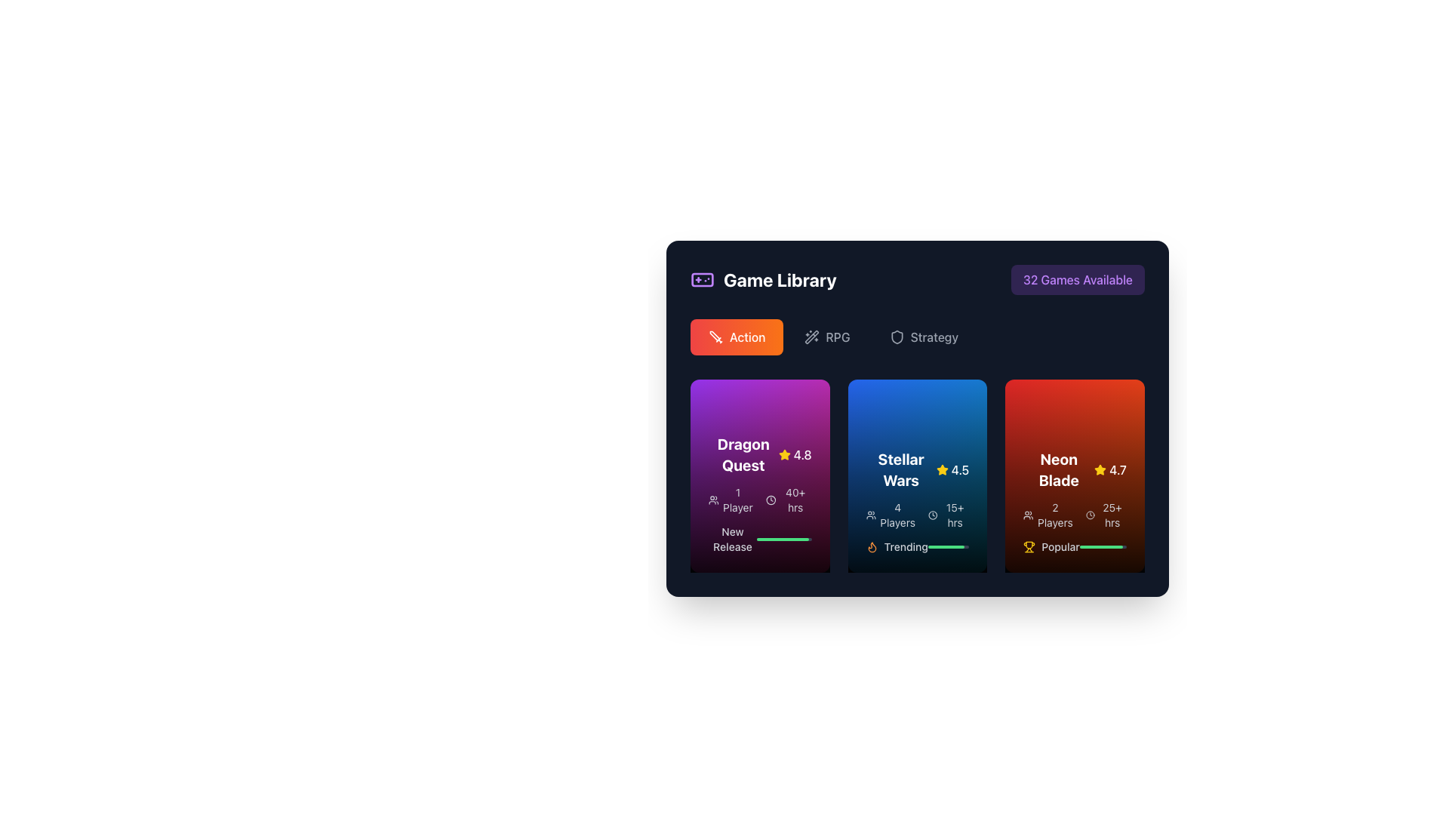 Image resolution: width=1449 pixels, height=815 pixels. What do you see at coordinates (1029, 545) in the screenshot?
I see `the decorative Graphic icon of the trophy for the game 'Neon Blade', located near the bottom section of the trophy icon and at the same level as the 'Popular' label text` at bounding box center [1029, 545].